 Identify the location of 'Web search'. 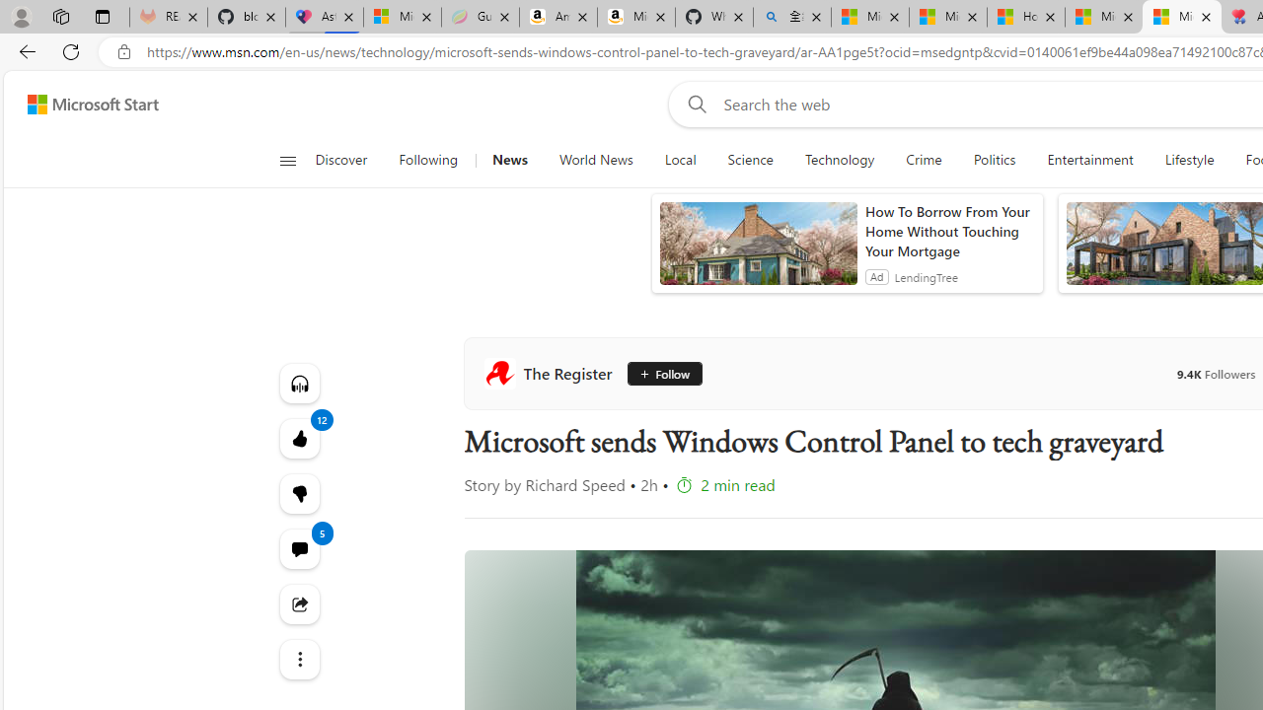
(693, 104).